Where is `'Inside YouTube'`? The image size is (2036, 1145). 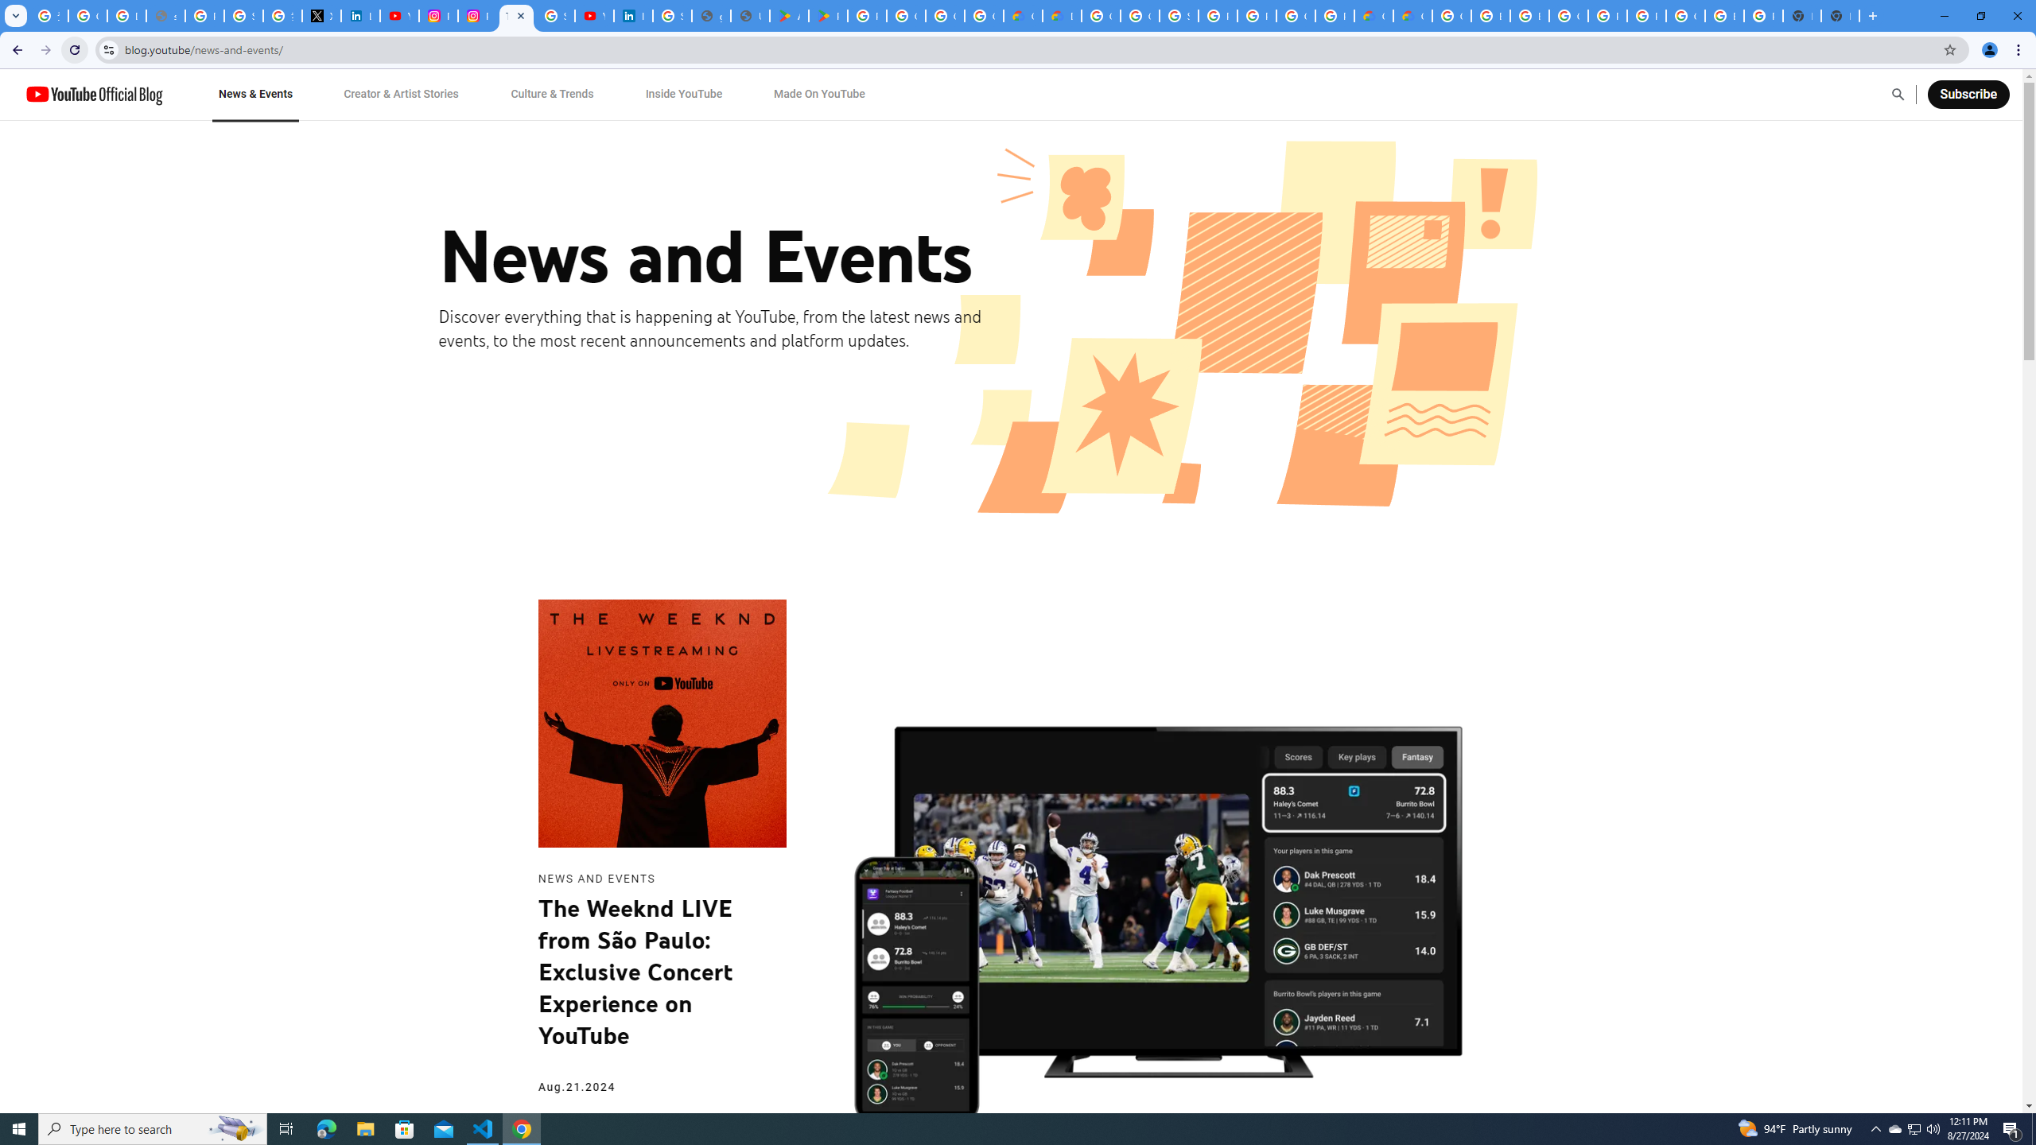
'Inside YouTube' is located at coordinates (684, 94).